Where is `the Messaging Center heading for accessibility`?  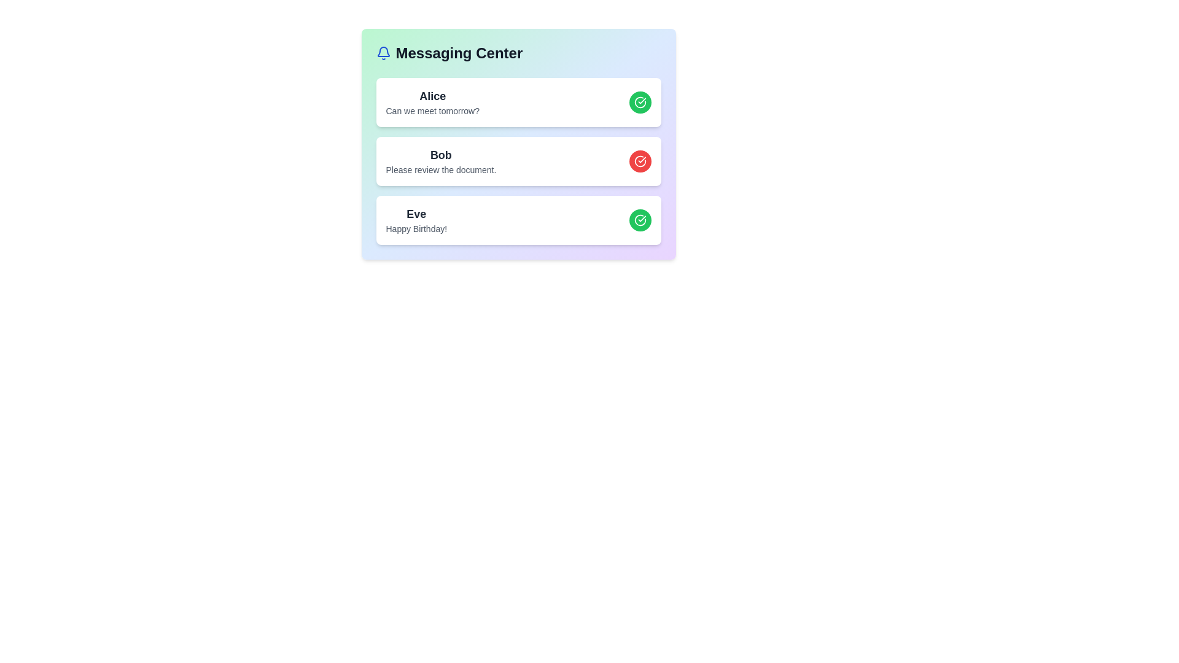
the Messaging Center heading for accessibility is located at coordinates (518, 53).